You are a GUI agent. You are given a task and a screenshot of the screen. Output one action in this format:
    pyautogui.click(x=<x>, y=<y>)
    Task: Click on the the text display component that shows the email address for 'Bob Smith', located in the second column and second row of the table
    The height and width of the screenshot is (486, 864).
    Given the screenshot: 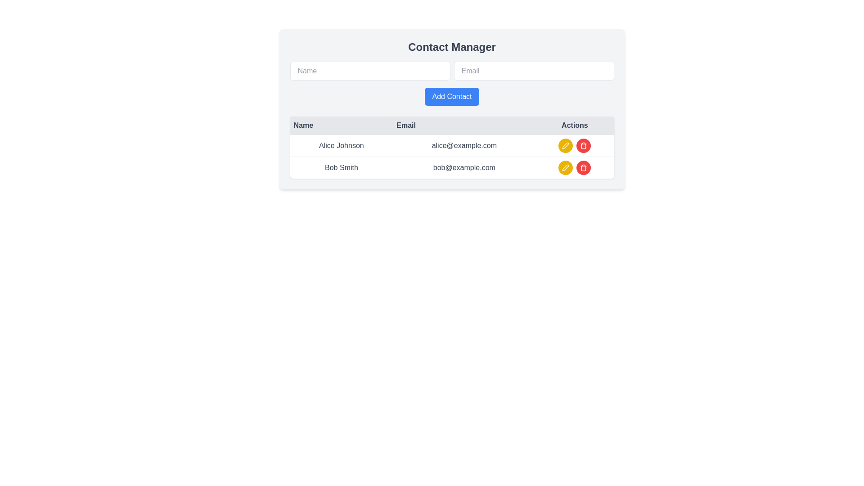 What is the action you would take?
    pyautogui.click(x=464, y=167)
    